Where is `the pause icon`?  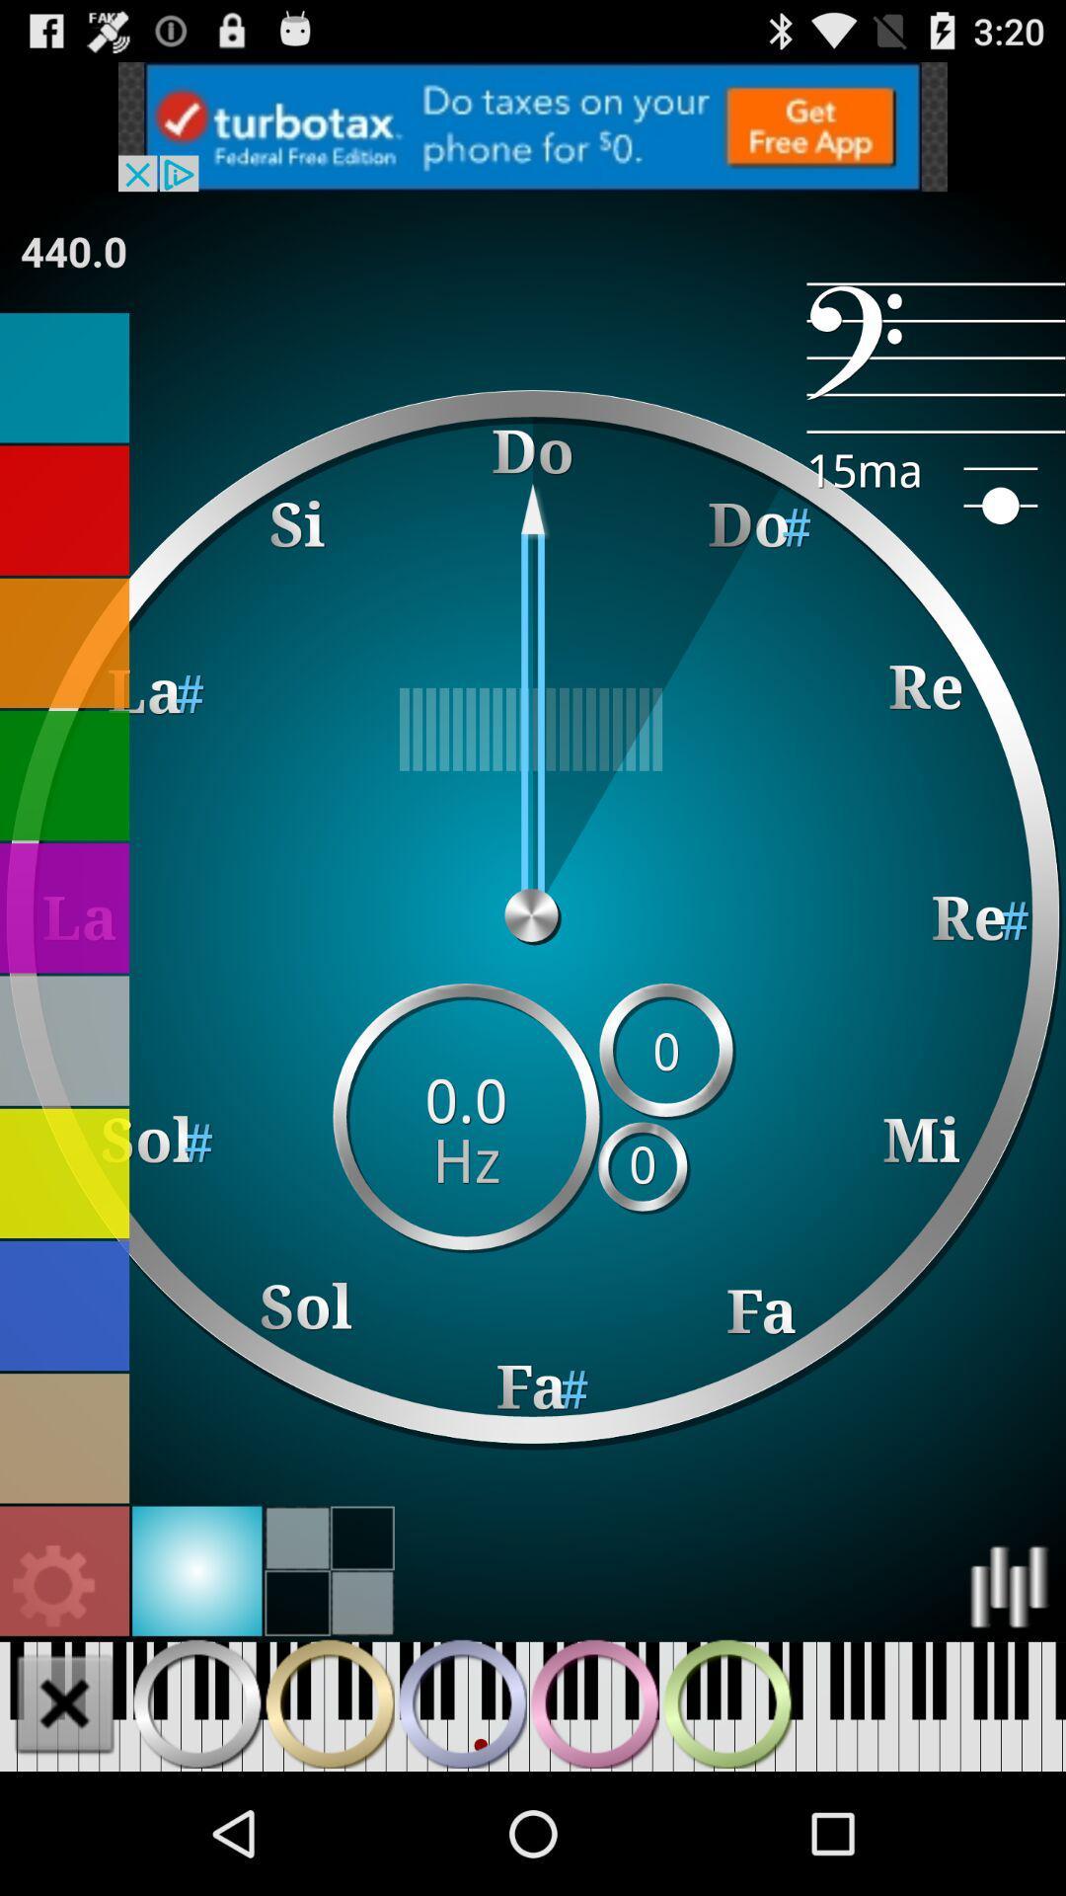
the pause icon is located at coordinates (726, 1822).